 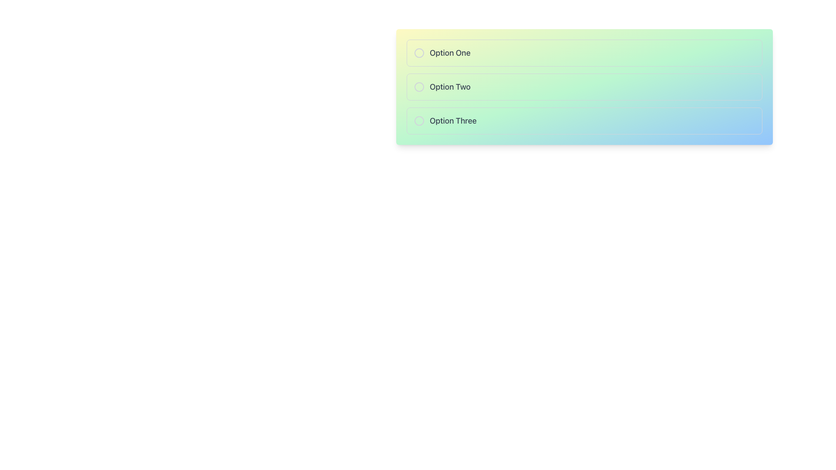 I want to click on the first selectable item element in the radio button group, so click(x=584, y=53).